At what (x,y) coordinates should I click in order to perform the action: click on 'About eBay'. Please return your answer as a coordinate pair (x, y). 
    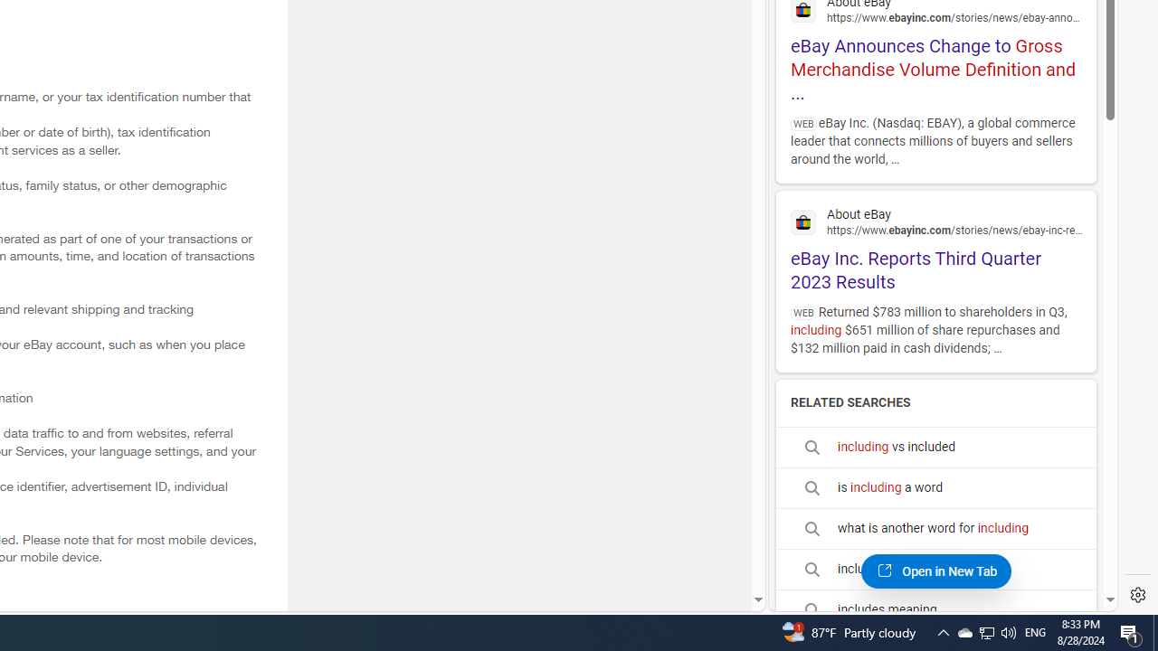
    Looking at the image, I should click on (935, 220).